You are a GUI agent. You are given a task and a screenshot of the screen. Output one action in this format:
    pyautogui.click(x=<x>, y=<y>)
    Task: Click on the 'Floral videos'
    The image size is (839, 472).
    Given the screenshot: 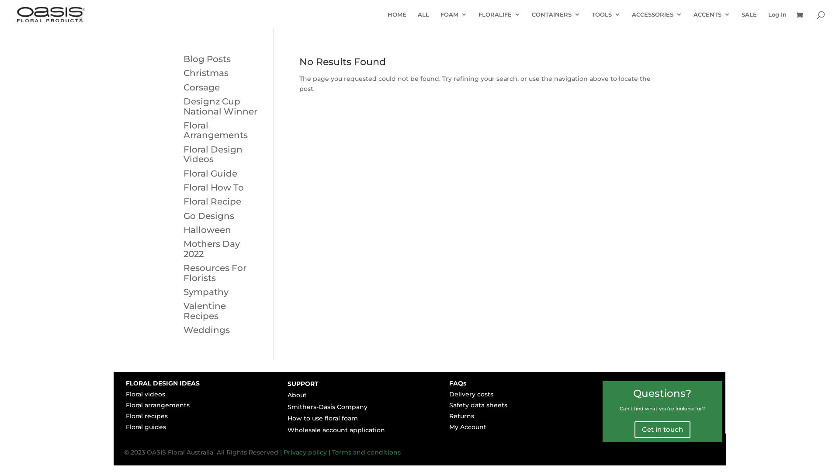 What is the action you would take?
    pyautogui.click(x=145, y=394)
    